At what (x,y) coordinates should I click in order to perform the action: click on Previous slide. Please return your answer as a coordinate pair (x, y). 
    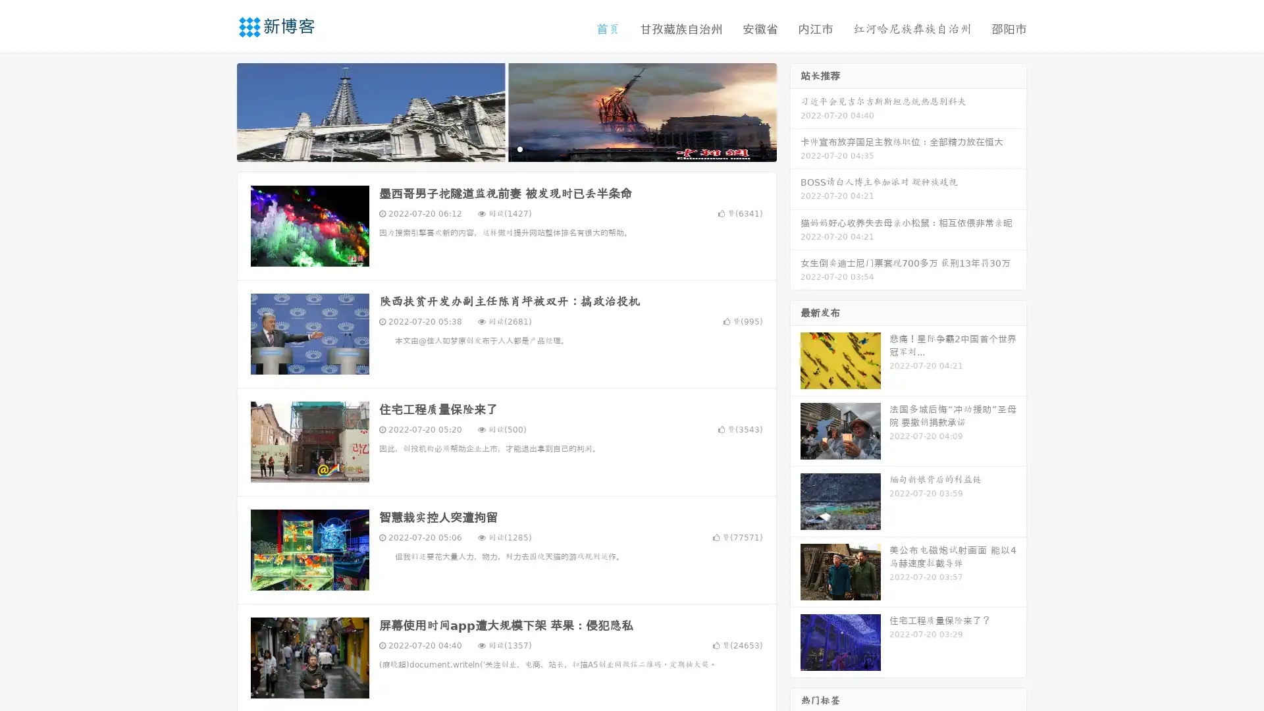
    Looking at the image, I should click on (217, 111).